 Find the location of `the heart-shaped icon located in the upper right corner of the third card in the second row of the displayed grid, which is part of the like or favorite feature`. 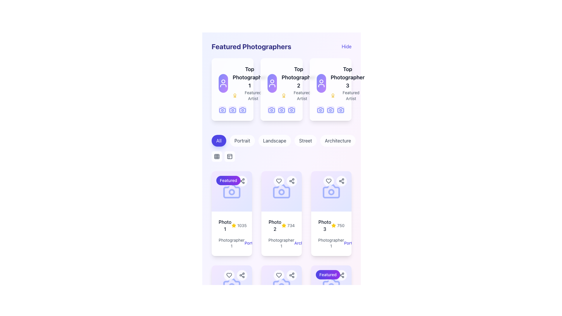

the heart-shaped icon located in the upper right corner of the third card in the second row of the displayed grid, which is part of the like or favorite feature is located at coordinates (229, 275).